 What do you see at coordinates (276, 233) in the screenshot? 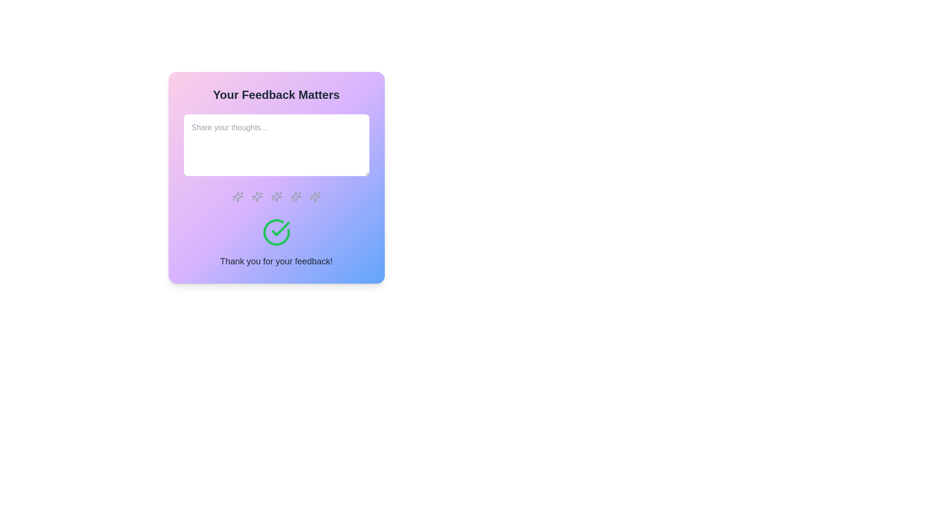
I see `the success status represented by the visual indicator icon located in the feedback form section, which is positioned above the 'Thank you for your feedback!' text and below the star icons` at bounding box center [276, 233].